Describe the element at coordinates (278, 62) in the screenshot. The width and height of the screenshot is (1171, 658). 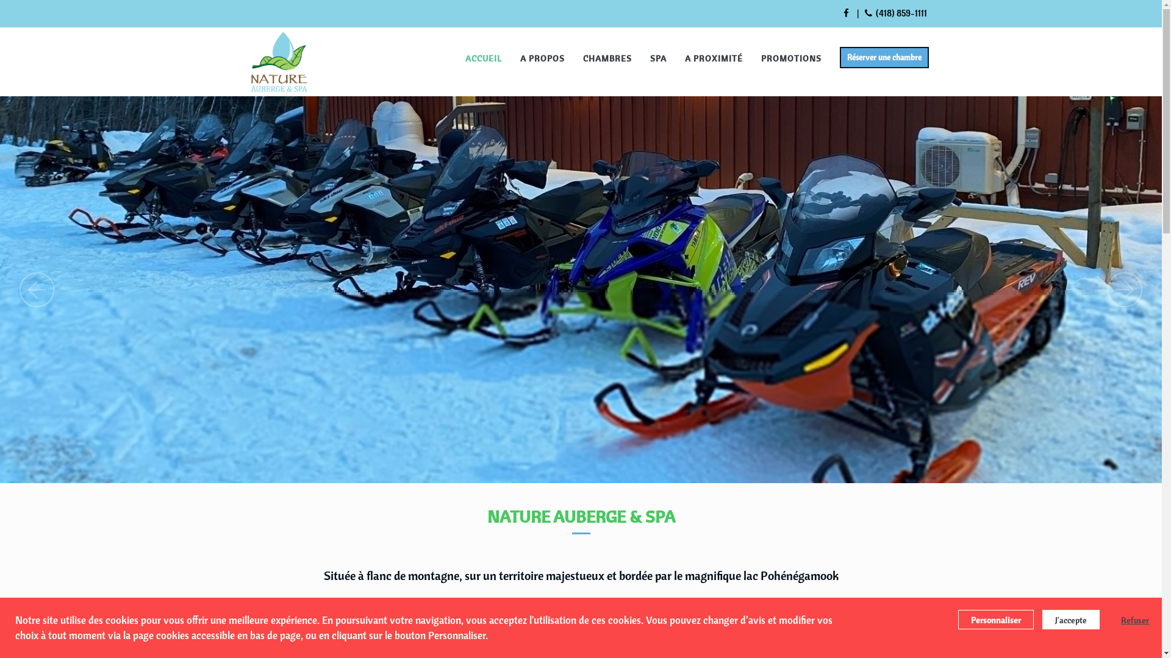
I see `'Nature Auberge et SPA'` at that location.